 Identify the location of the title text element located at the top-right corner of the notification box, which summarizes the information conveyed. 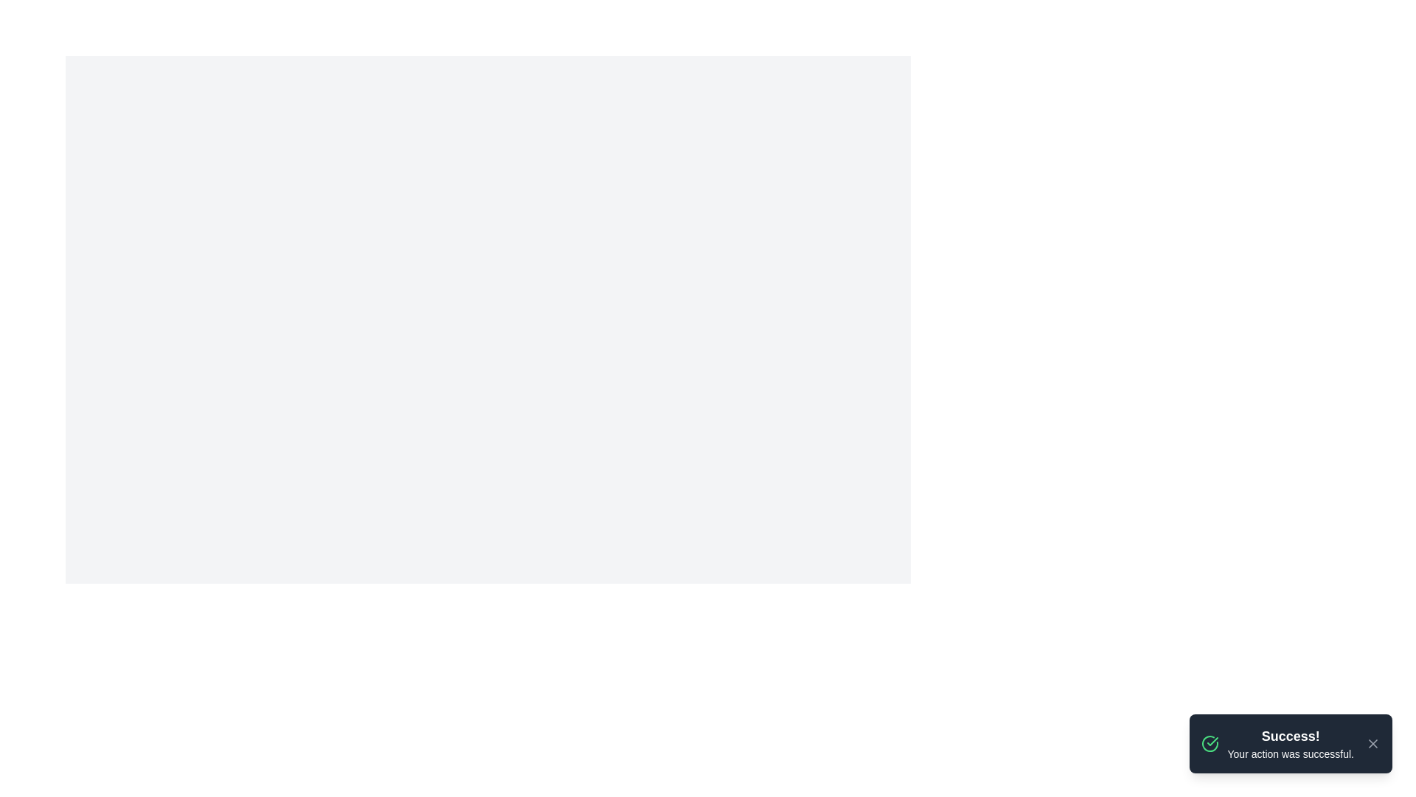
(1290, 736).